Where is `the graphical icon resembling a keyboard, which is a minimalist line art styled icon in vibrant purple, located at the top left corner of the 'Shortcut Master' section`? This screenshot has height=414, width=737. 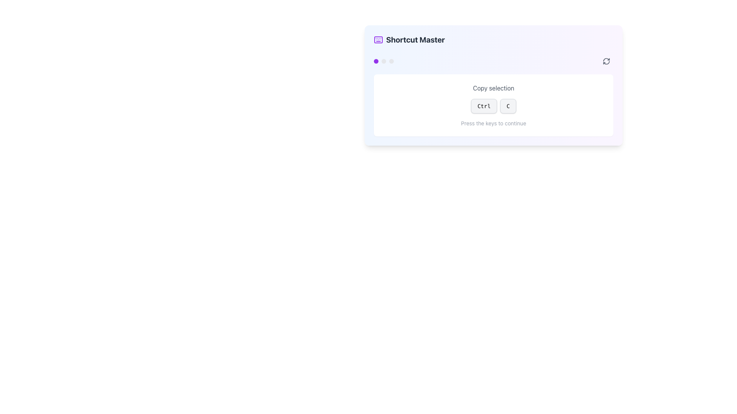
the graphical icon resembling a keyboard, which is a minimalist line art styled icon in vibrant purple, located at the top left corner of the 'Shortcut Master' section is located at coordinates (378, 40).